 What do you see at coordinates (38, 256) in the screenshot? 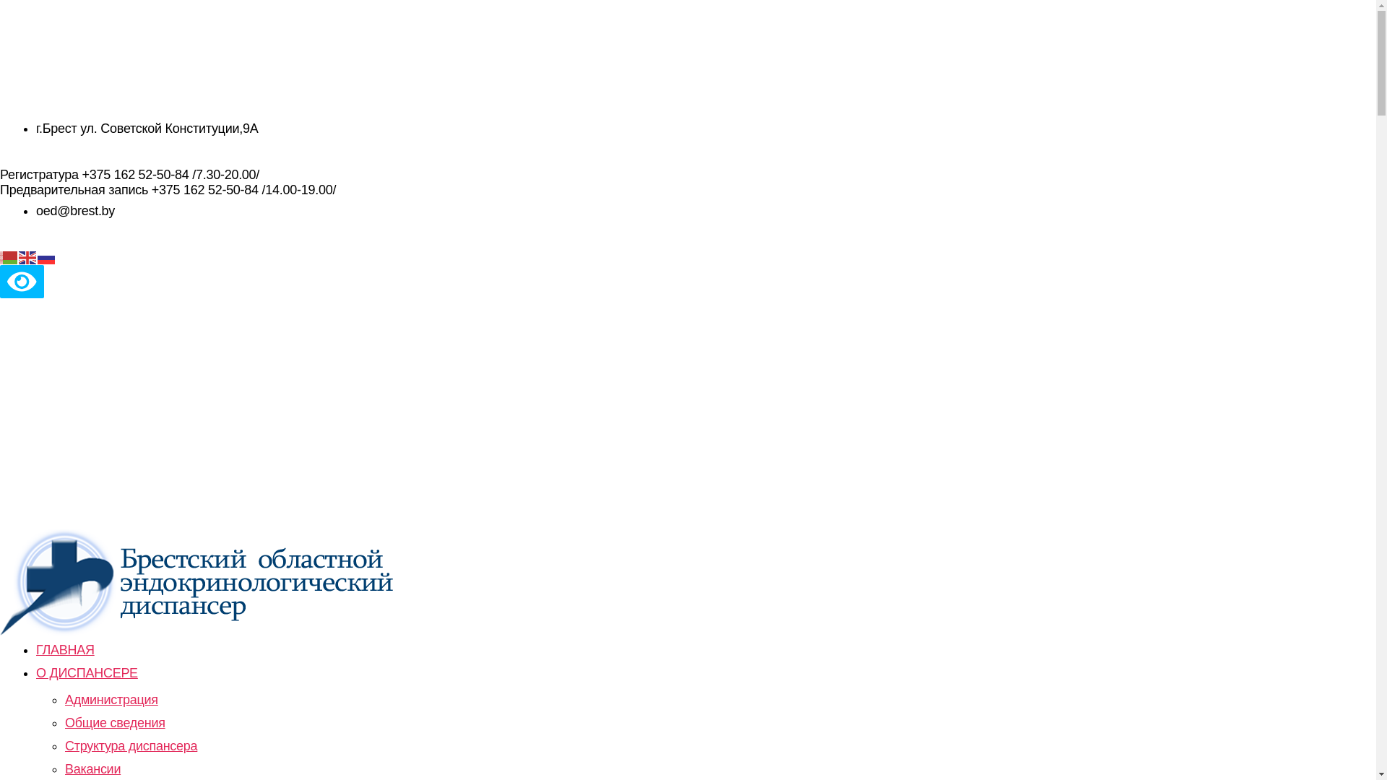
I see `'Russian'` at bounding box center [38, 256].